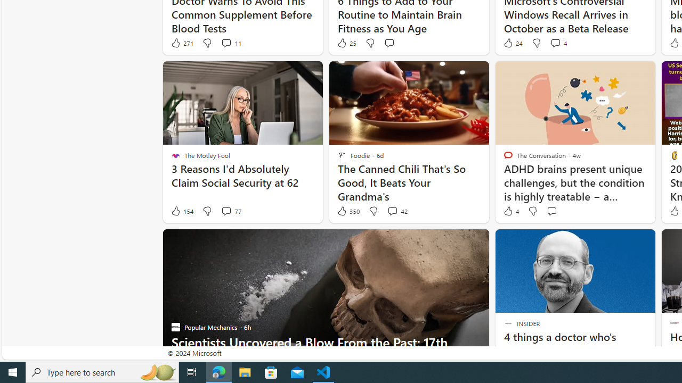  I want to click on '350 Like', so click(348, 211).